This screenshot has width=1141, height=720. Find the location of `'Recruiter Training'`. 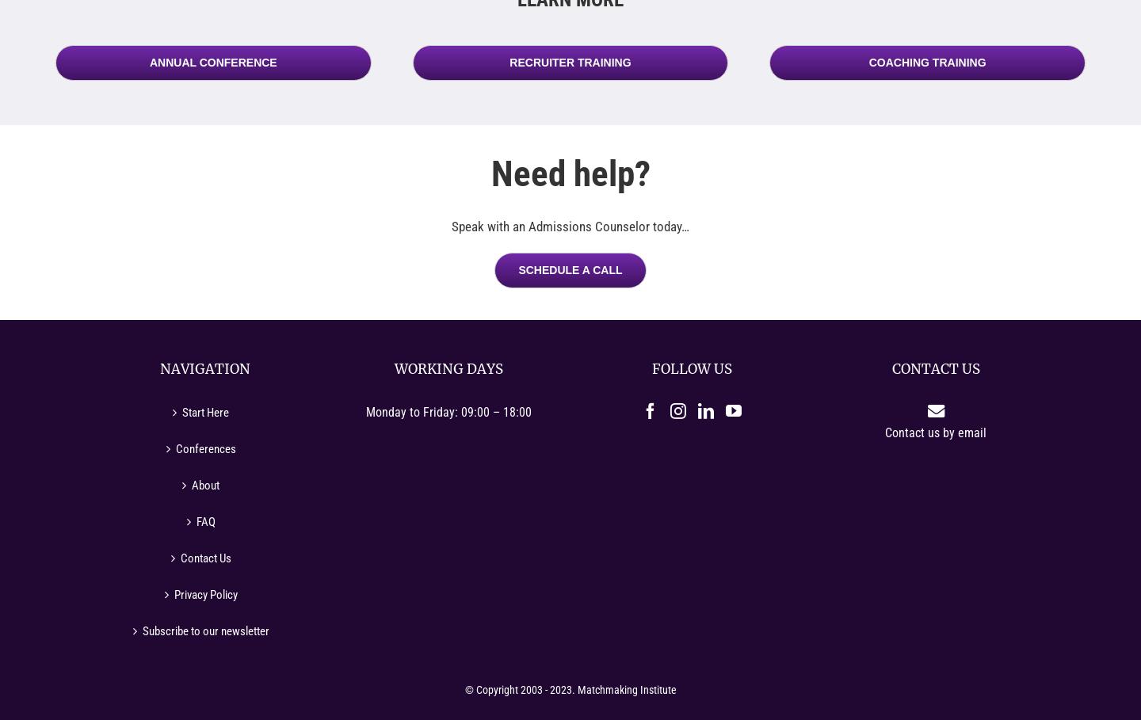

'Recruiter Training' is located at coordinates (570, 61).